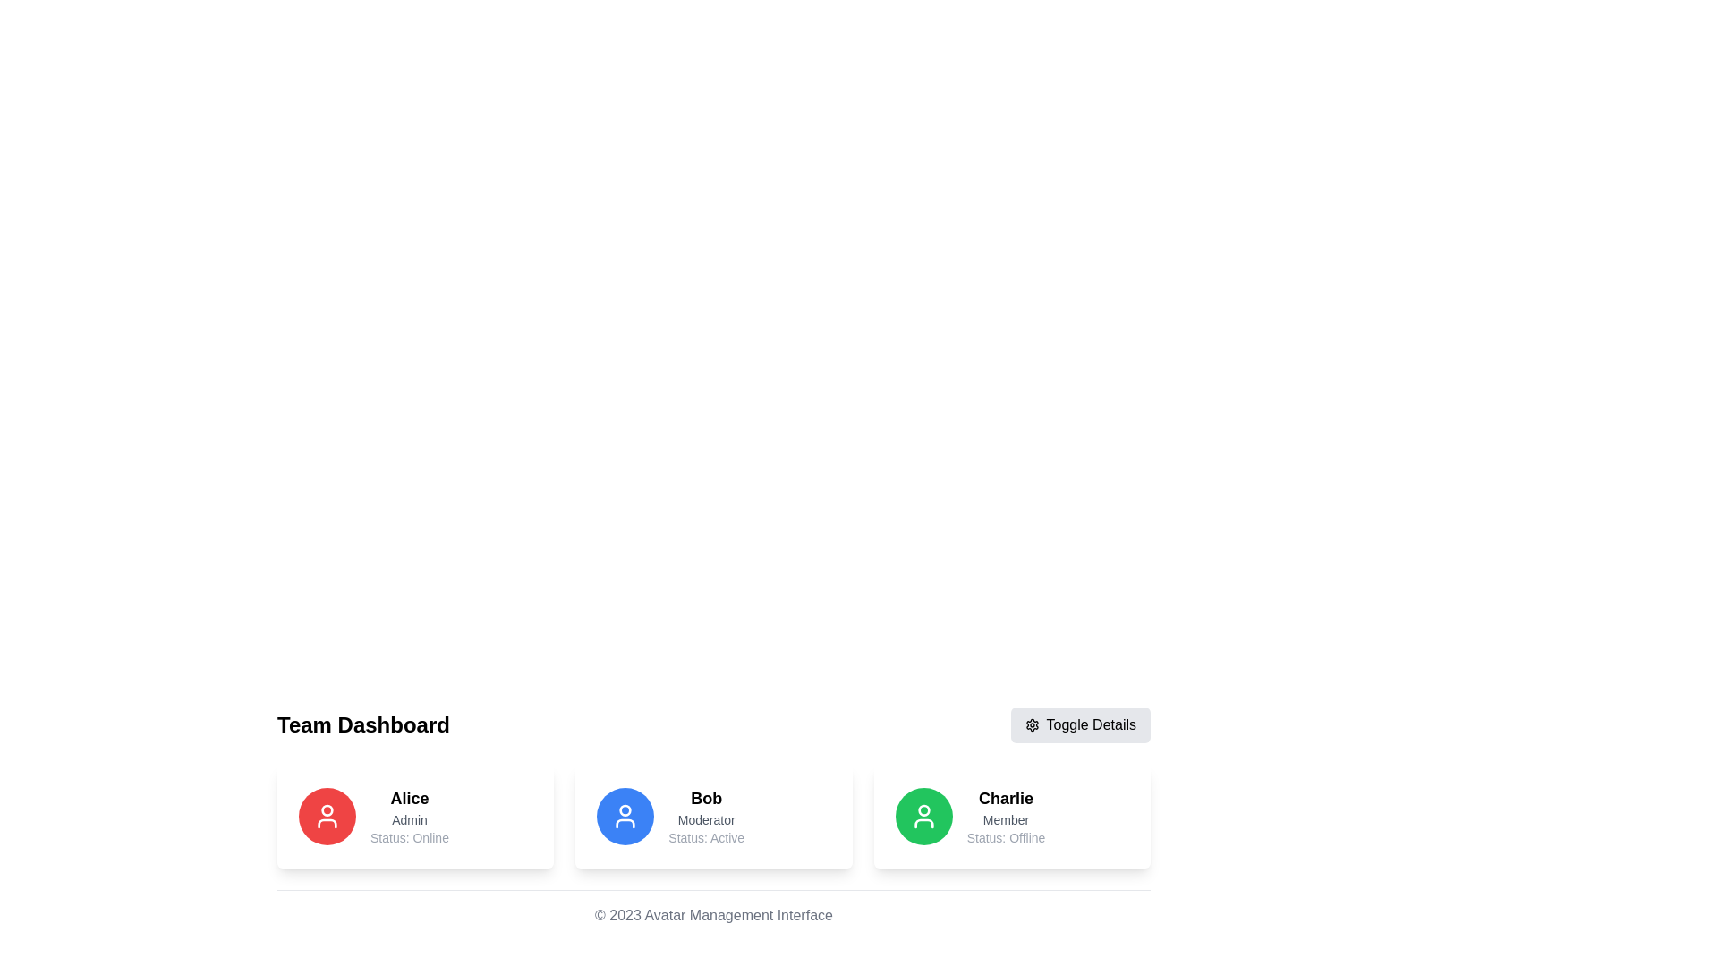 This screenshot has width=1718, height=966. What do you see at coordinates (408, 820) in the screenshot?
I see `the static text label displaying 'Admin' located under the name 'Alice' in the user card structure` at bounding box center [408, 820].